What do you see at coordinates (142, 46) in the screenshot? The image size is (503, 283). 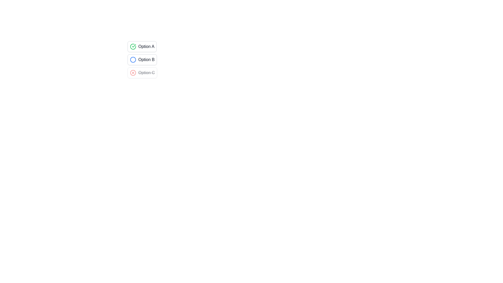 I see `the selectable option labeled 'Option A' which is a horizontal bar with rounded corners containing a green circular icon with a check mark and text on the right` at bounding box center [142, 46].